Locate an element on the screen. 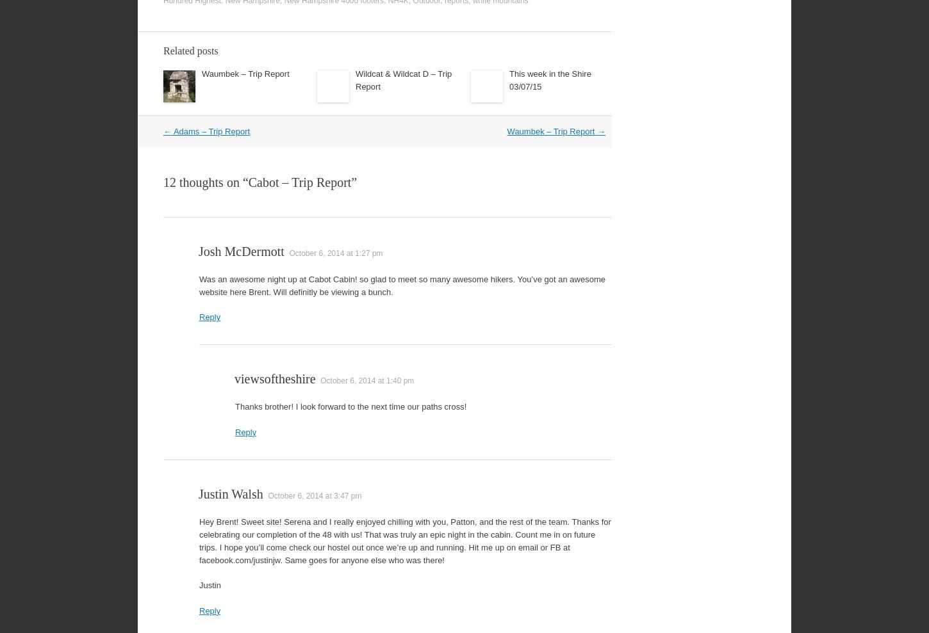  'Wildcat & Wildcat D – Trip Report' is located at coordinates (356, 79).